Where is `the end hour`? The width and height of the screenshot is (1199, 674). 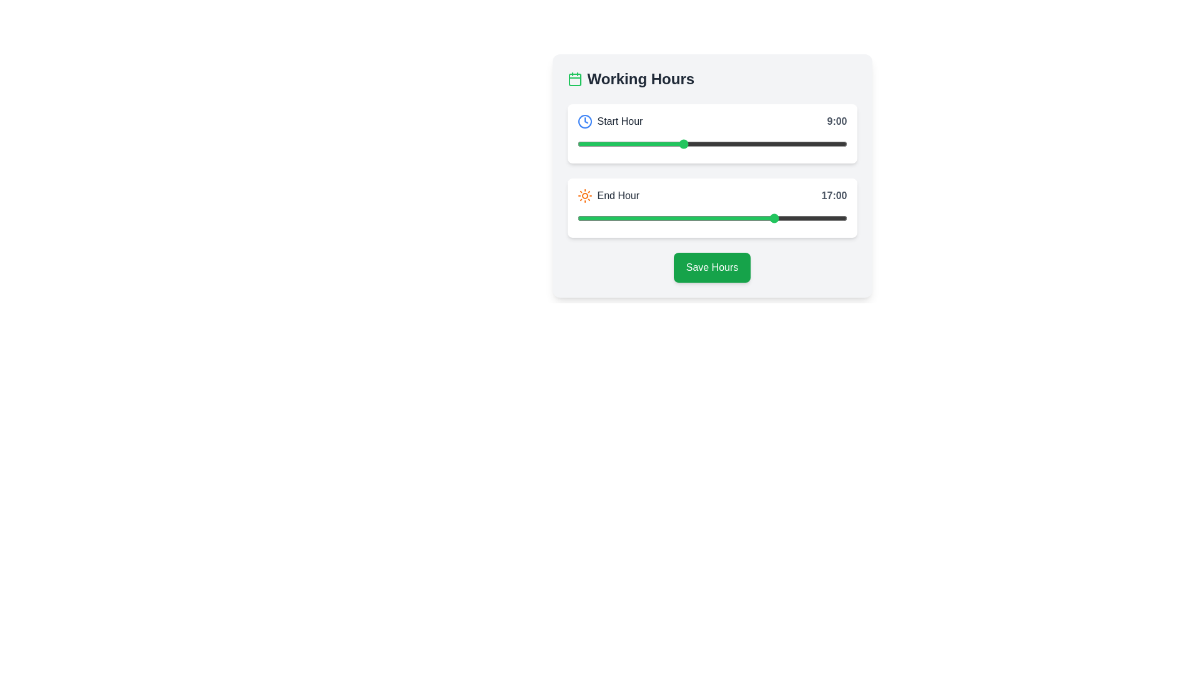 the end hour is located at coordinates (648, 218).